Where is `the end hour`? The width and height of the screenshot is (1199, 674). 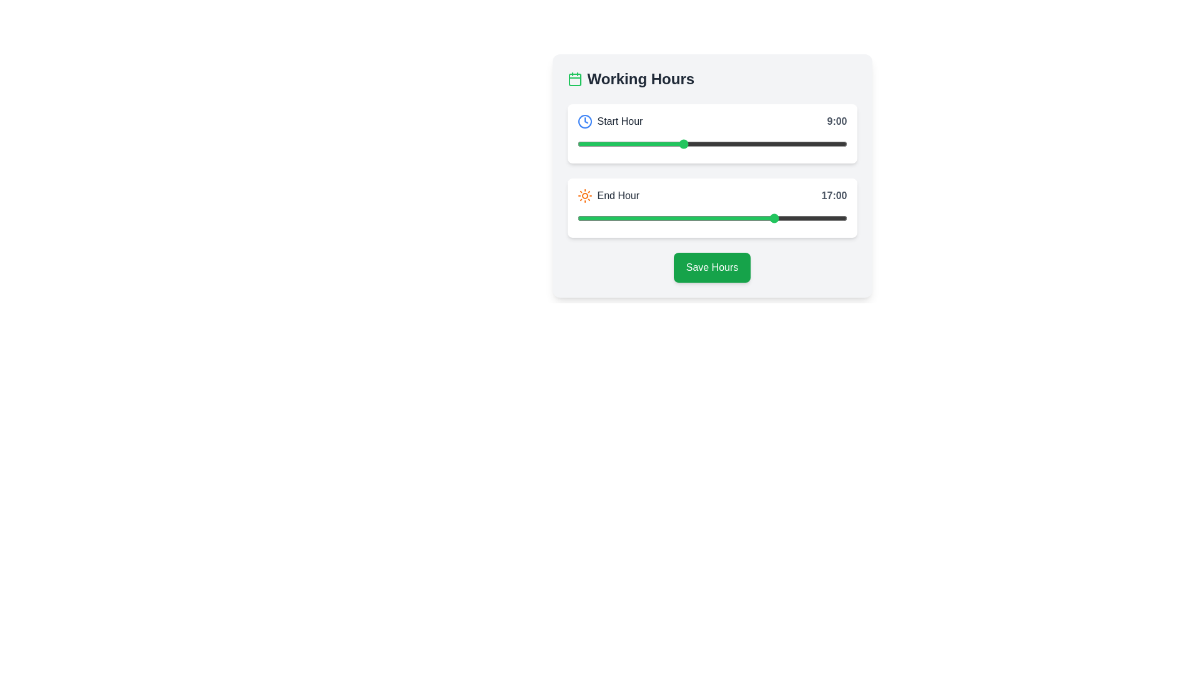 the end hour is located at coordinates (648, 218).